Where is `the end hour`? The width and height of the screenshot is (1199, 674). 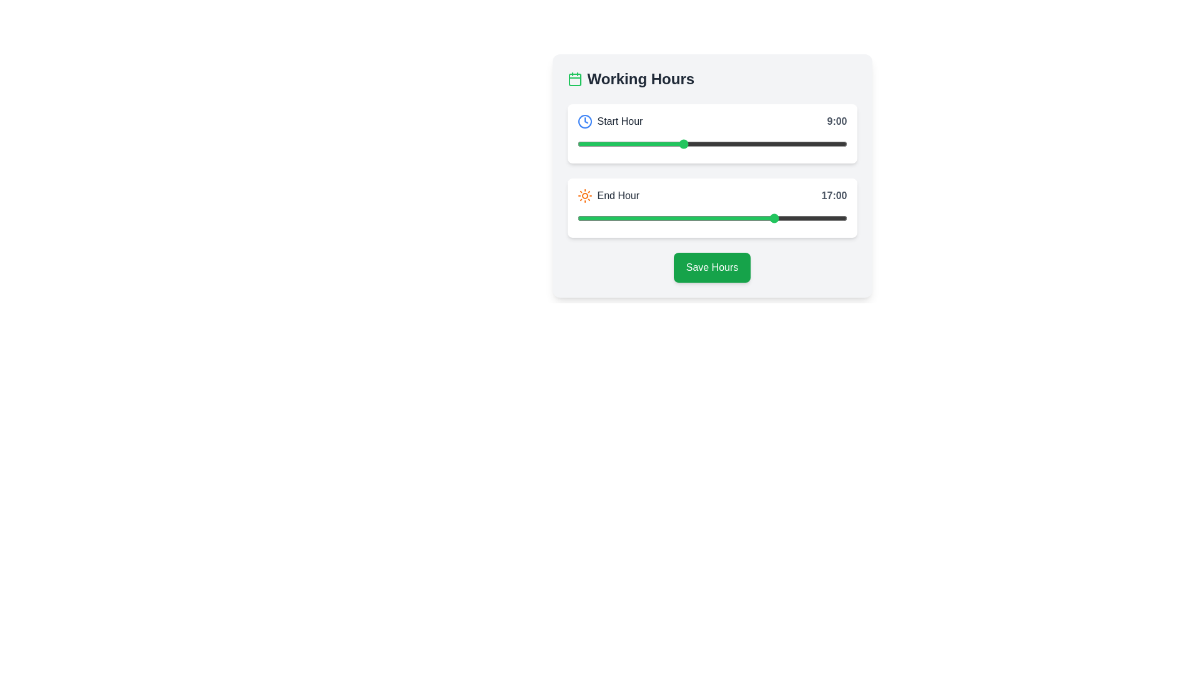 the end hour is located at coordinates (648, 218).